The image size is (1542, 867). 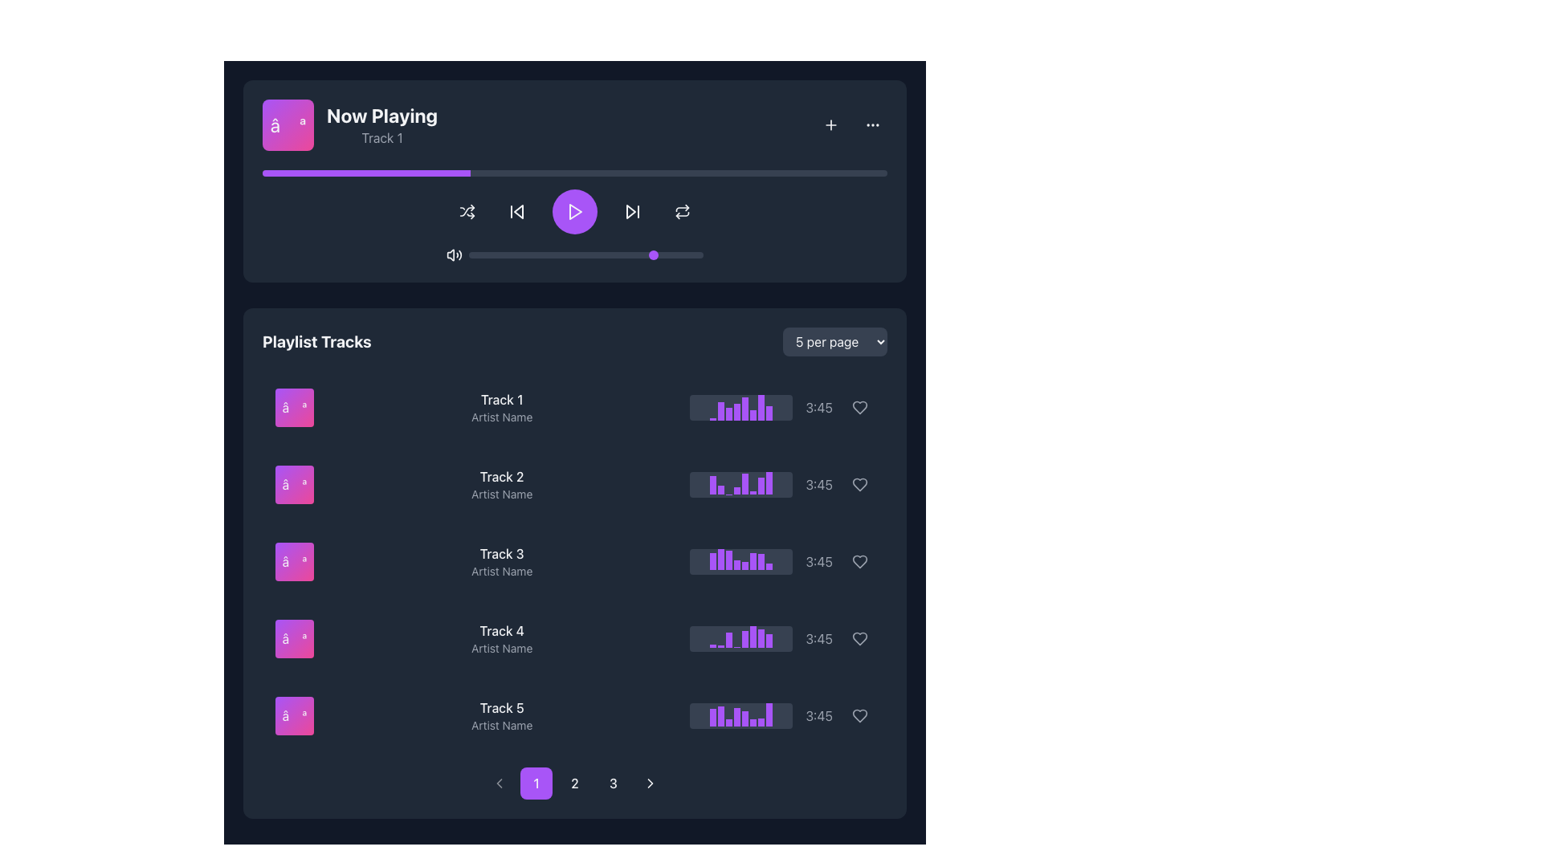 I want to click on the left-pointing chevron icon button, which is styled with a minimalist design and located at the bottom of the interface within the pagination section, so click(x=499, y=782).